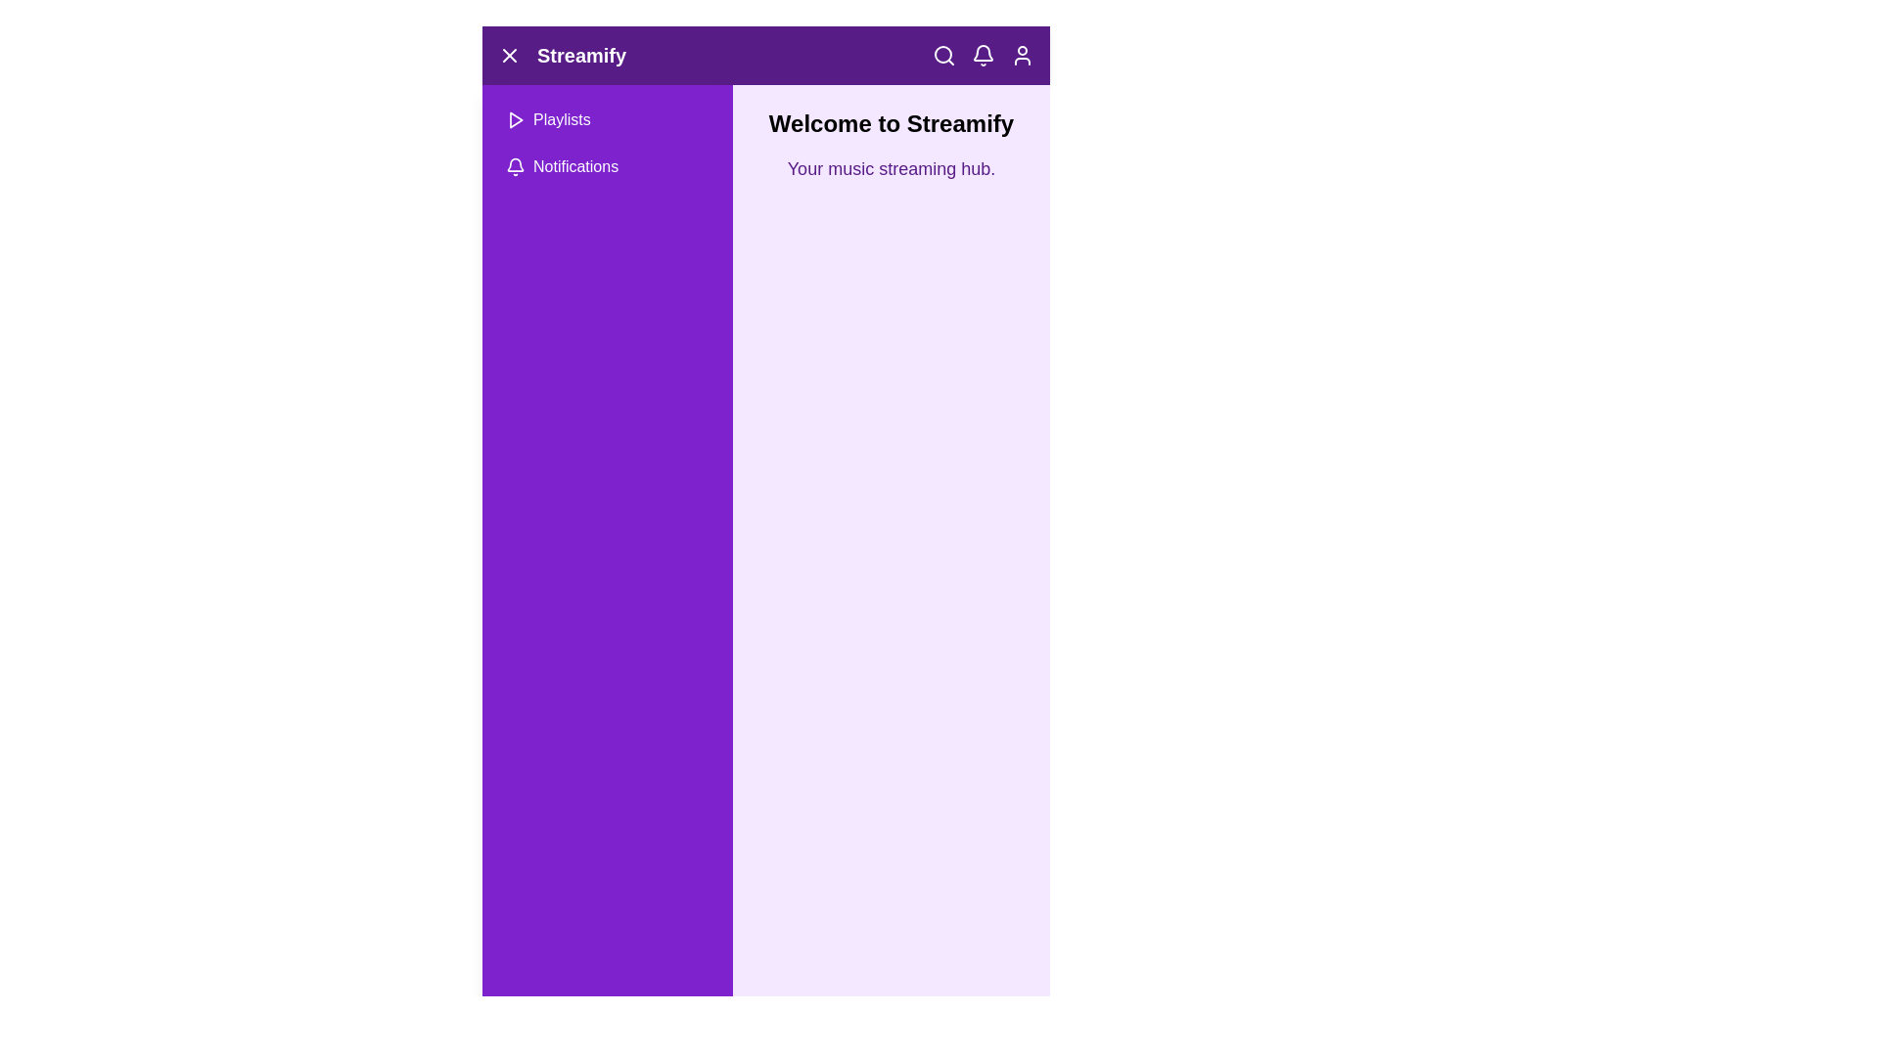 The width and height of the screenshot is (1879, 1056). Describe the element at coordinates (606, 120) in the screenshot. I see `the top menu option button in the vertical sidebar to change its background color` at that location.